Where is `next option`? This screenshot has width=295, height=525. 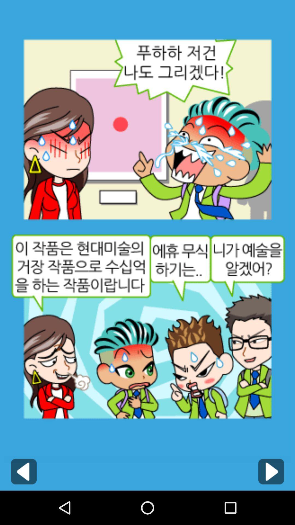
next option is located at coordinates (271, 471).